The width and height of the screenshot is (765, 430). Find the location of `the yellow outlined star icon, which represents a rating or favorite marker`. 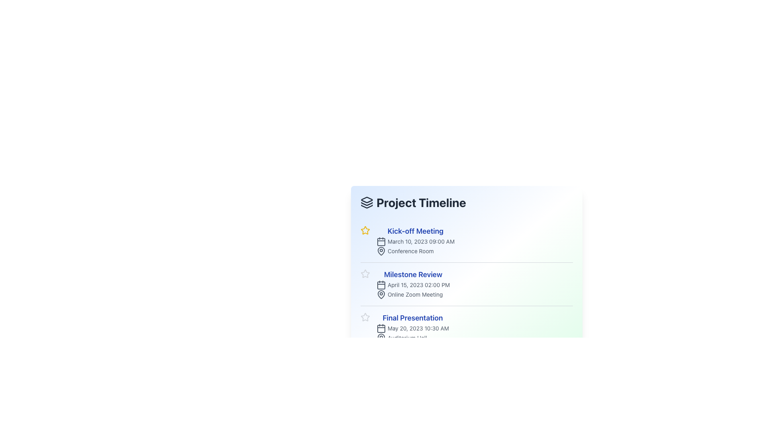

the yellow outlined star icon, which represents a rating or favorite marker is located at coordinates (365, 230).